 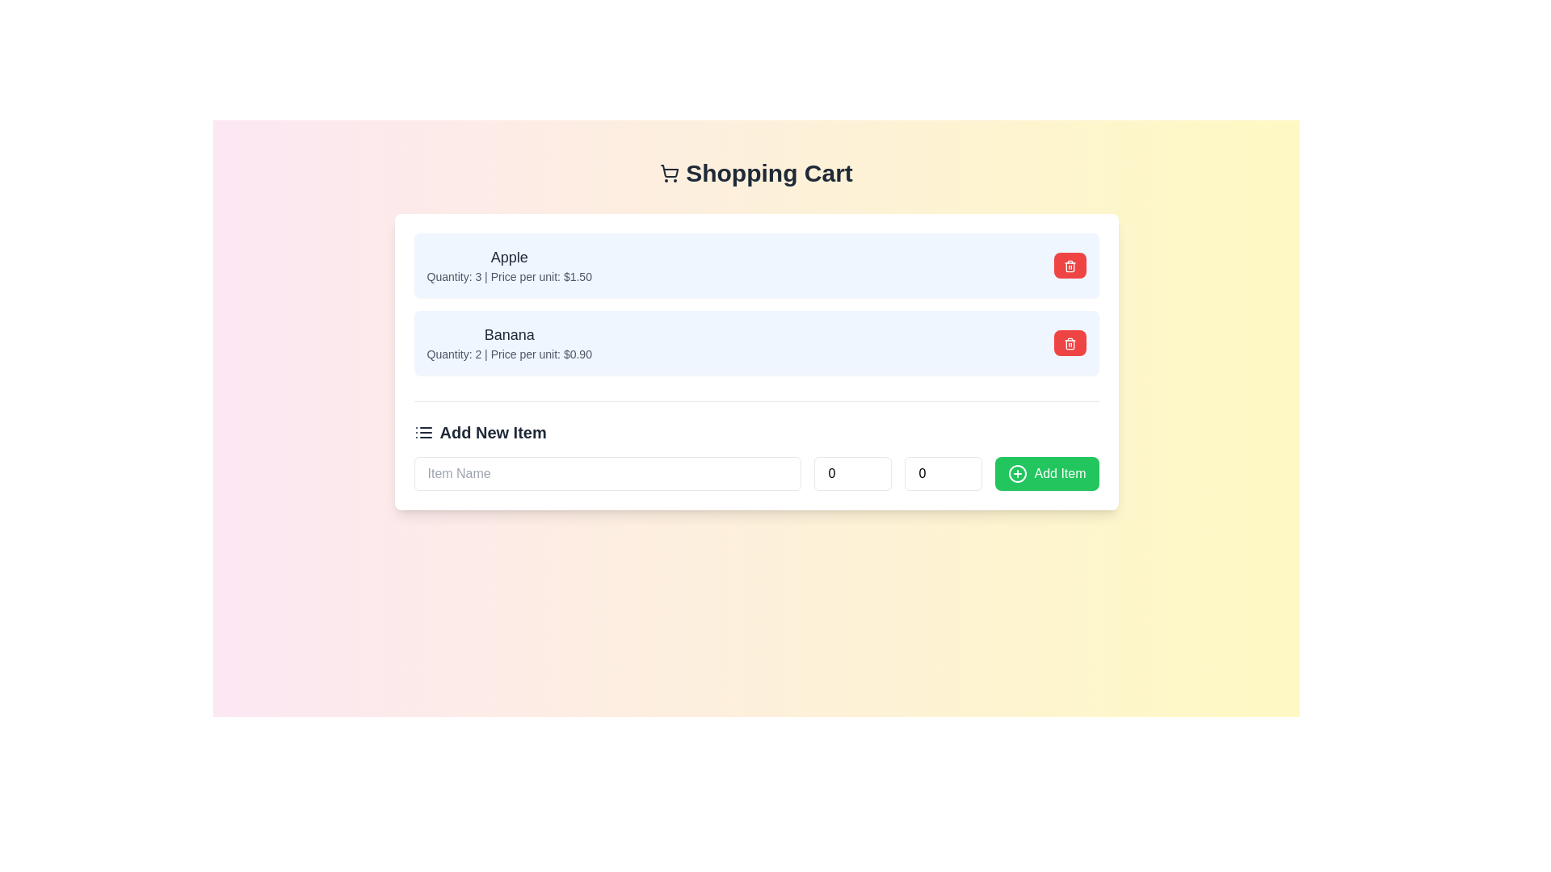 What do you see at coordinates (508, 354) in the screenshot?
I see `the informative text displaying the quantity and price of the item located below 'Banana' in the shopping cart interface` at bounding box center [508, 354].